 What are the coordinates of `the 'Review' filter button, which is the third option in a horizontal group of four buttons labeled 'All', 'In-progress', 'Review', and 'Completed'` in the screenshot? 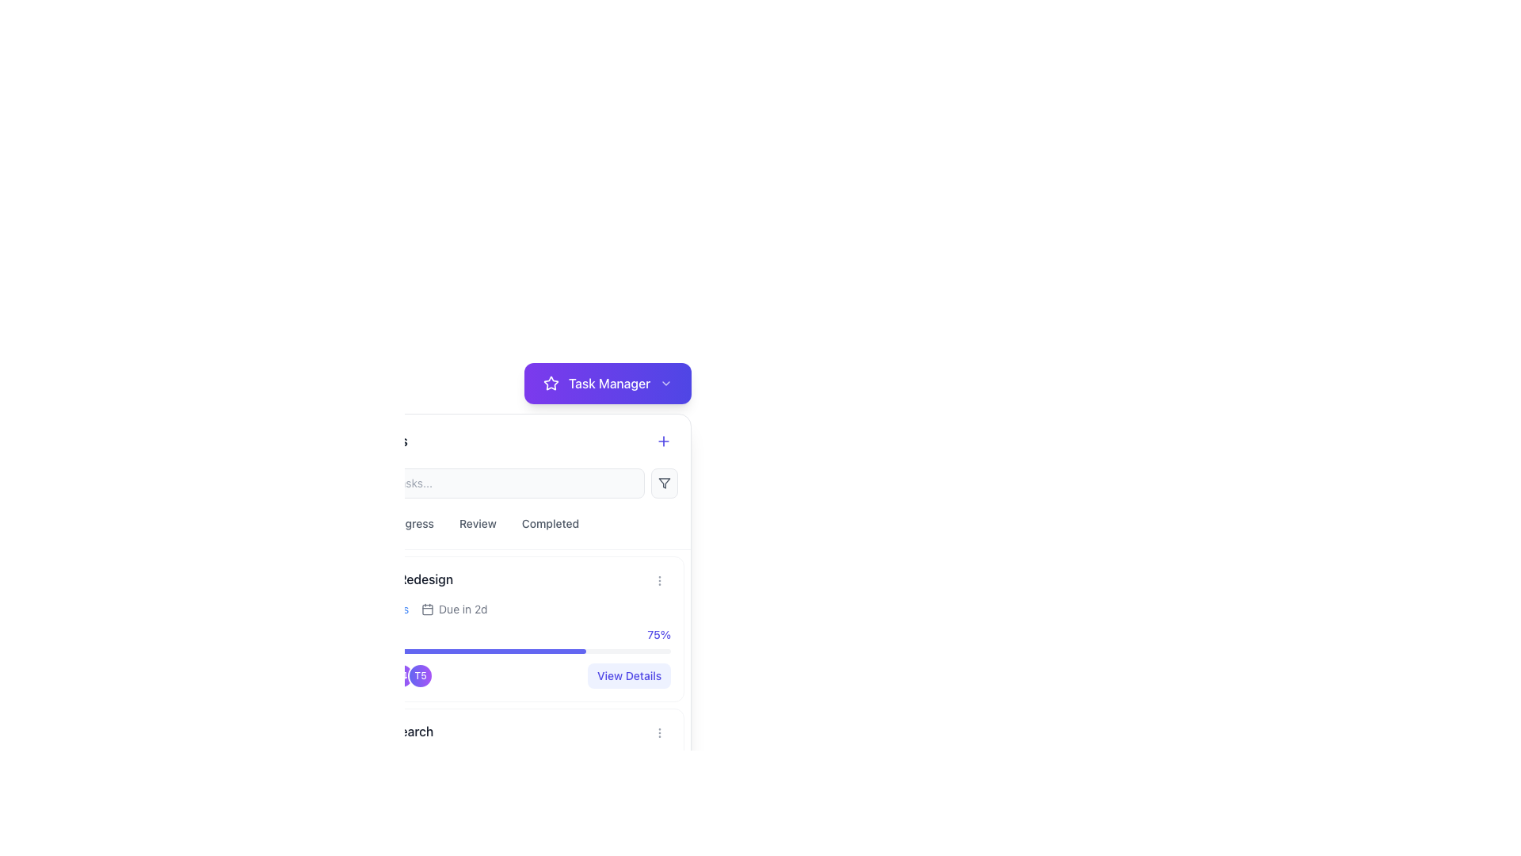 It's located at (477, 523).